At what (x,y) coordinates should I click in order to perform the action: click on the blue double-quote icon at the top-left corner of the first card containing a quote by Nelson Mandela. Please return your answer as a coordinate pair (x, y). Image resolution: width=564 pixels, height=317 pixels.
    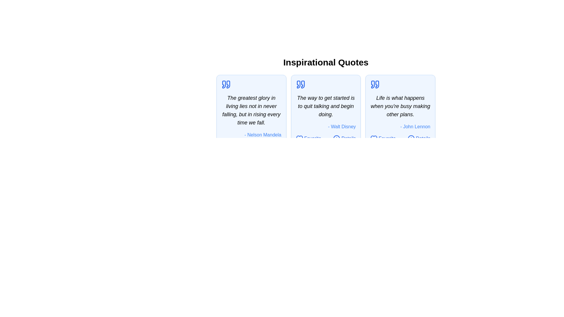
    Looking at the image, I should click on (226, 85).